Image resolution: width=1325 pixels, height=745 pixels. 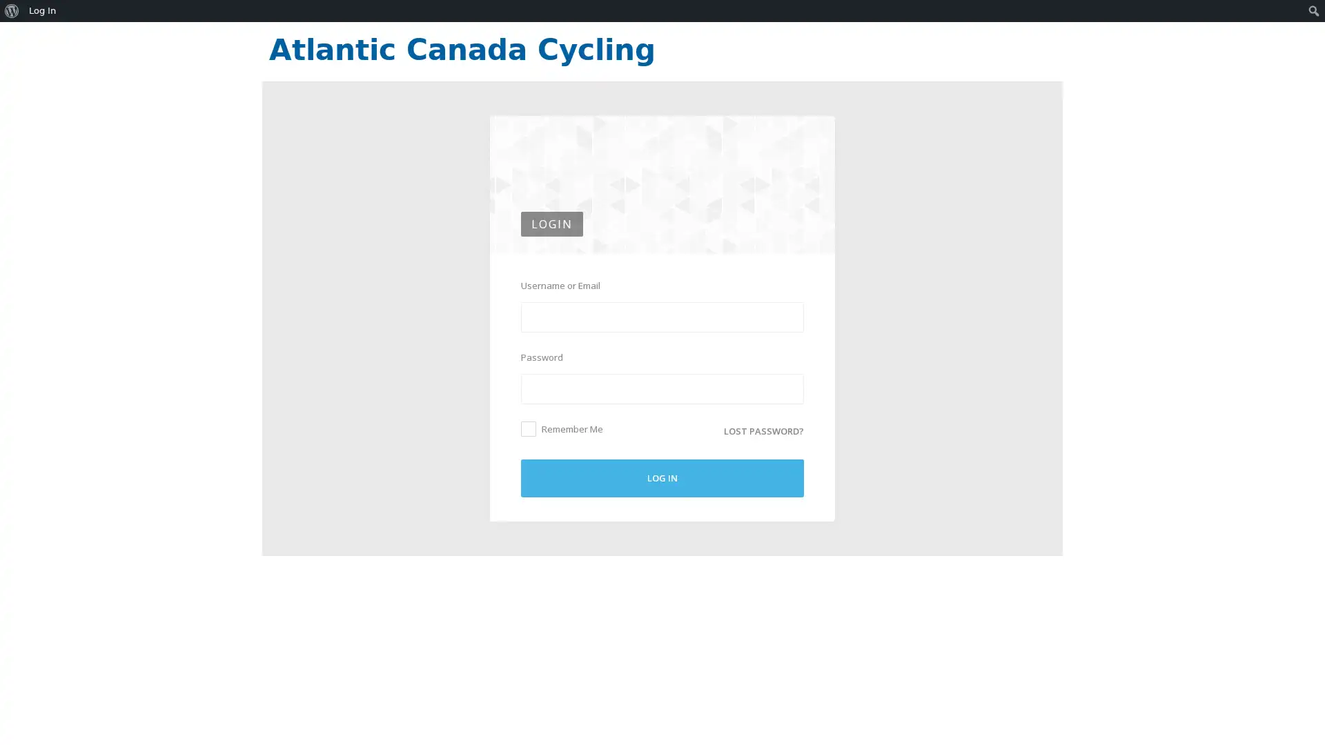 I want to click on LOG IN, so click(x=662, y=477).